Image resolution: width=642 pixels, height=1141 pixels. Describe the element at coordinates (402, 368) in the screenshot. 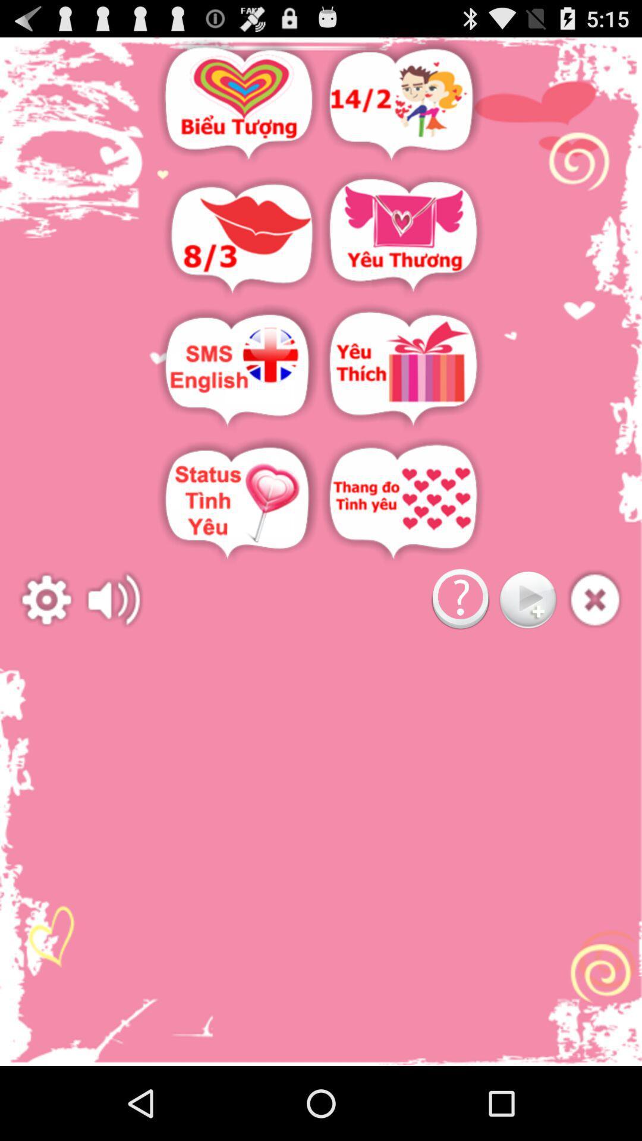

I see `to view selected item` at that location.